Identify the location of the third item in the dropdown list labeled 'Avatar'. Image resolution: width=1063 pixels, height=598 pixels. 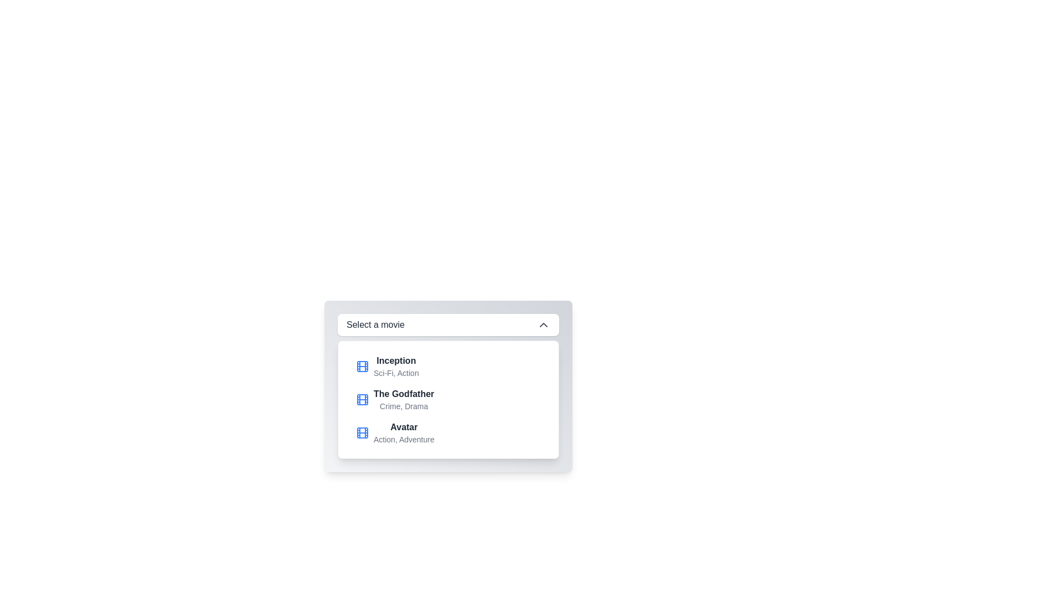
(448, 432).